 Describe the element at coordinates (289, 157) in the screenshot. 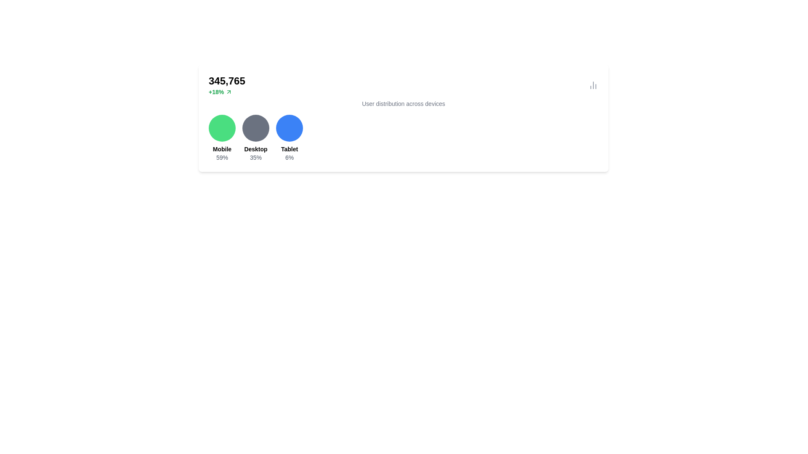

I see `the text label that displays the percentage of users accessing via tablets, which is located below the 'Tablet' label and aligned with the blue circular icon` at that location.